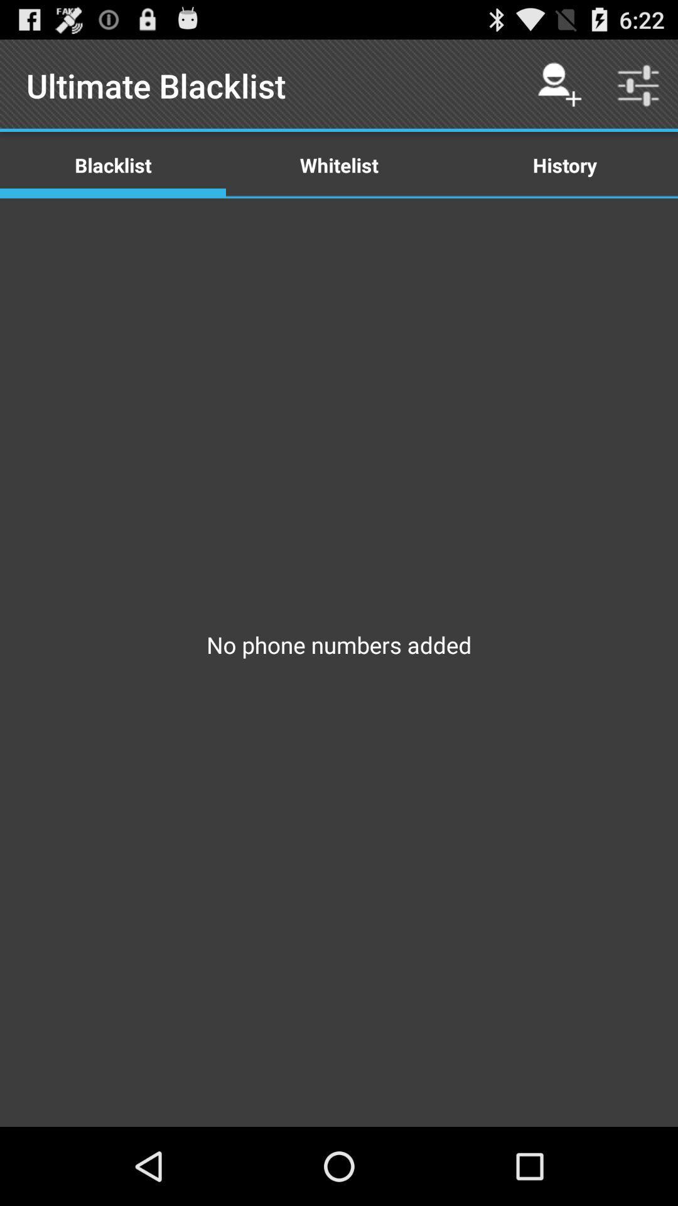 The image size is (678, 1206). What do you see at coordinates (559, 85) in the screenshot?
I see `the icon to the right of the whitelist` at bounding box center [559, 85].